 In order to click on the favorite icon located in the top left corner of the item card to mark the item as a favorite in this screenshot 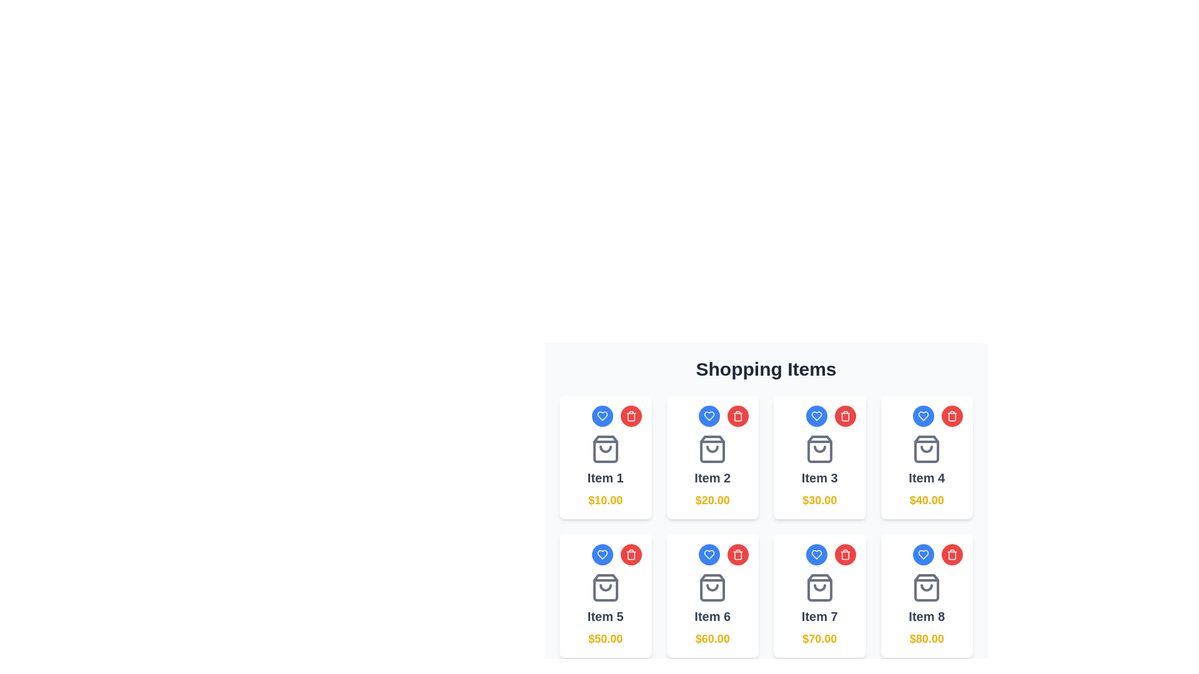, I will do `click(602, 554)`.